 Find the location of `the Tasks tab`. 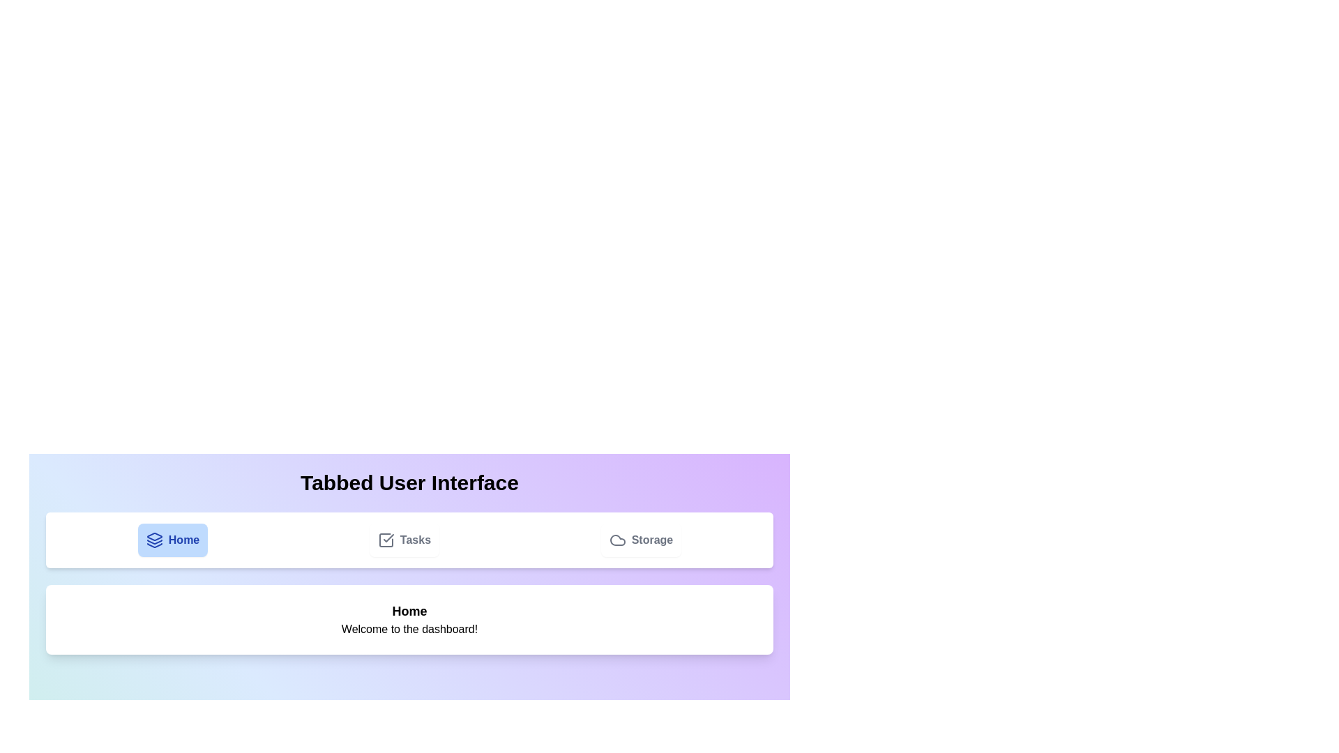

the Tasks tab is located at coordinates (403, 540).